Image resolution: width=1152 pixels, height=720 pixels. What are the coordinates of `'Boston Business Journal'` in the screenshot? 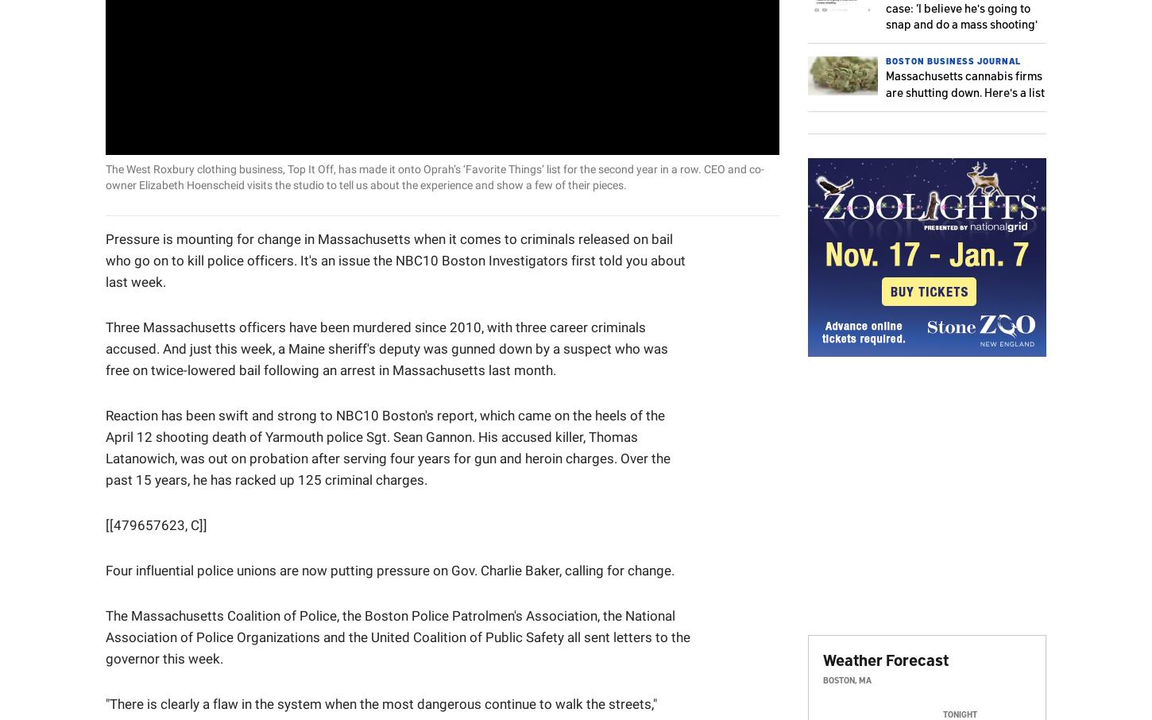 It's located at (953, 60).